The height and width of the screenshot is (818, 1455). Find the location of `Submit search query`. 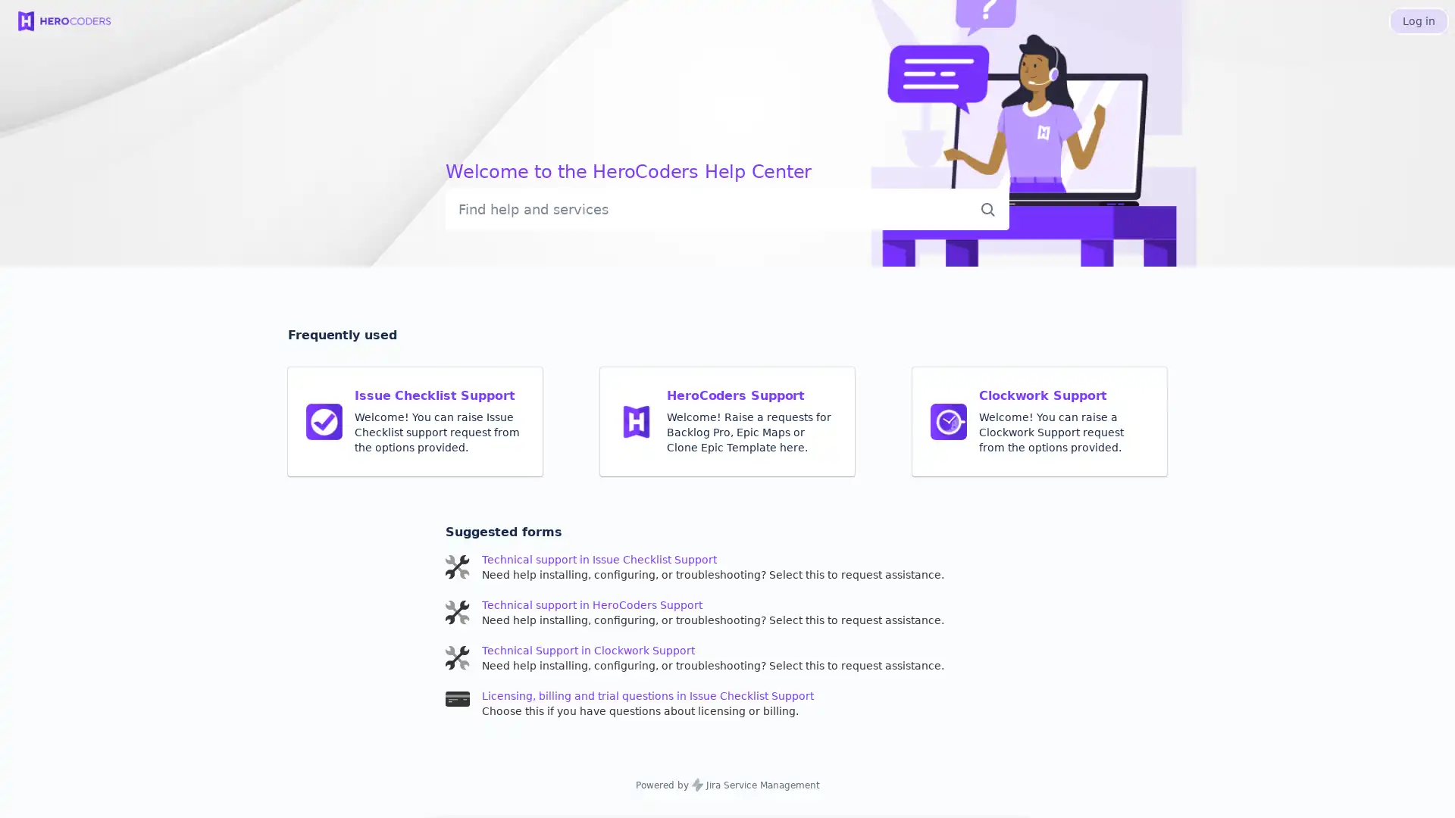

Submit search query is located at coordinates (988, 209).